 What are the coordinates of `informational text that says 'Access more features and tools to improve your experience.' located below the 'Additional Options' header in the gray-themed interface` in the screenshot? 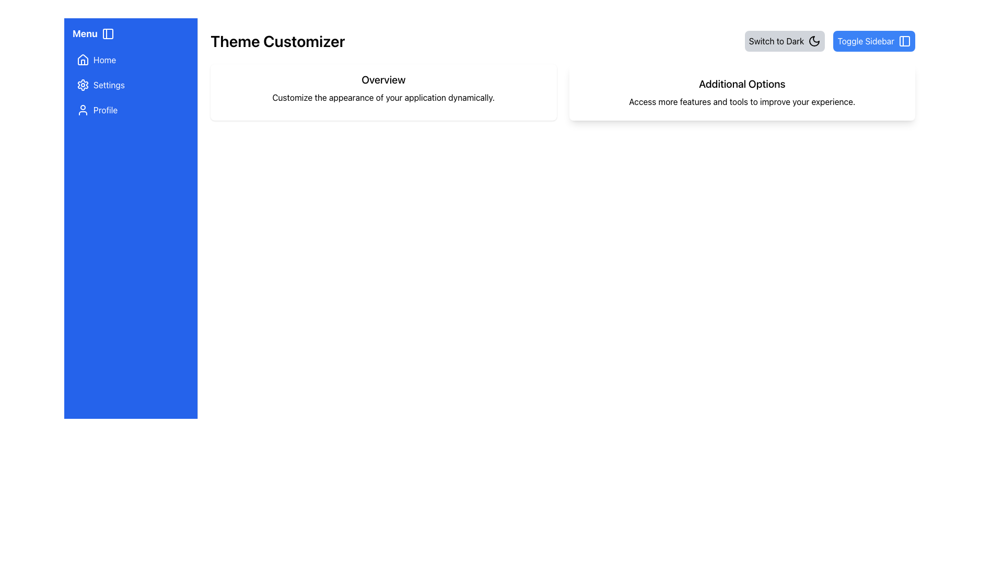 It's located at (741, 102).